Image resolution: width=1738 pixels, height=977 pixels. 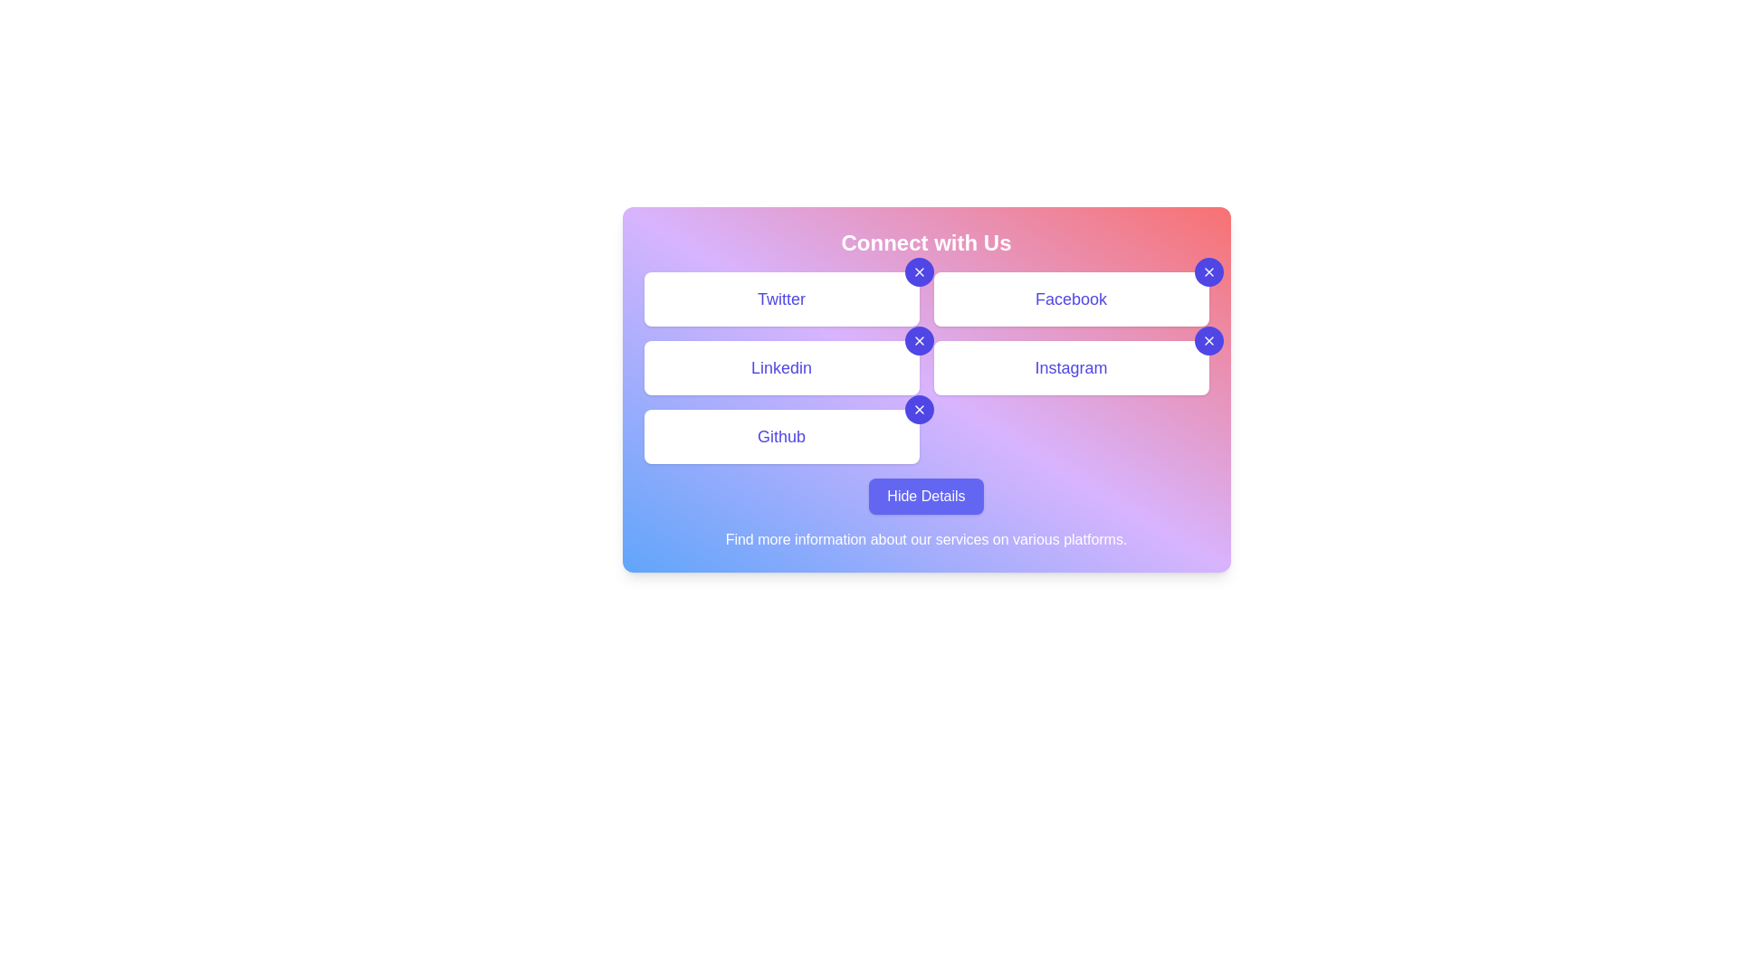 I want to click on or read the 'Twitter' label on the white rounded rectangle card located in the top-left corner of the grid layout, so click(x=781, y=299).